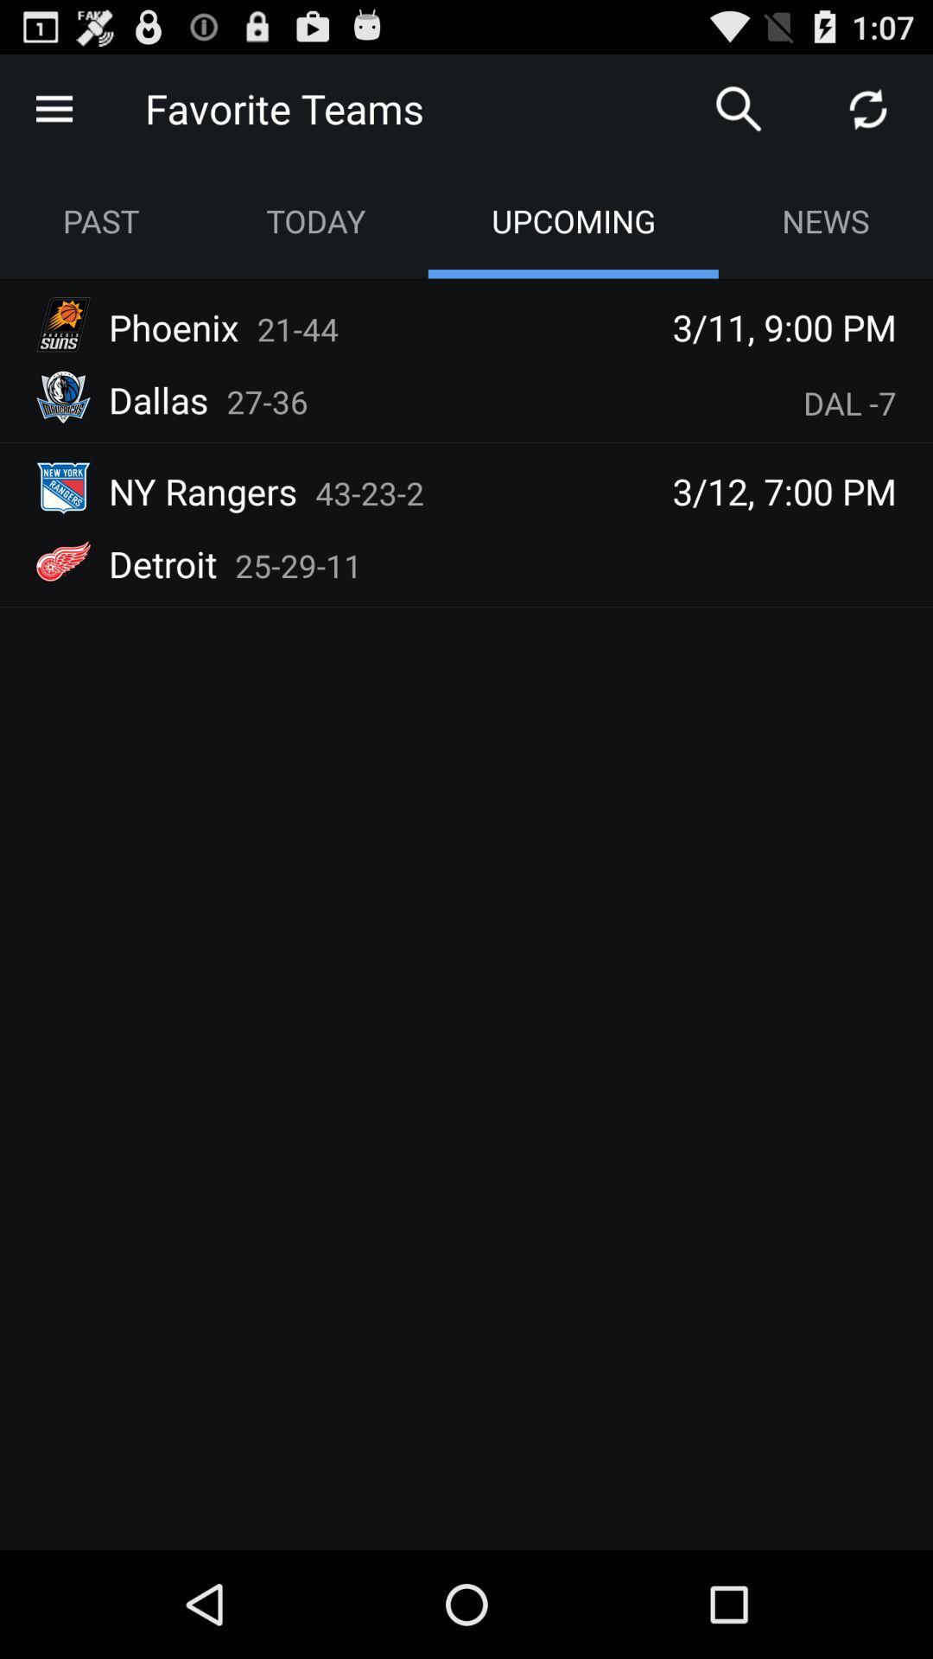  Describe the element at coordinates (53, 115) in the screenshot. I see `the menu icon` at that location.